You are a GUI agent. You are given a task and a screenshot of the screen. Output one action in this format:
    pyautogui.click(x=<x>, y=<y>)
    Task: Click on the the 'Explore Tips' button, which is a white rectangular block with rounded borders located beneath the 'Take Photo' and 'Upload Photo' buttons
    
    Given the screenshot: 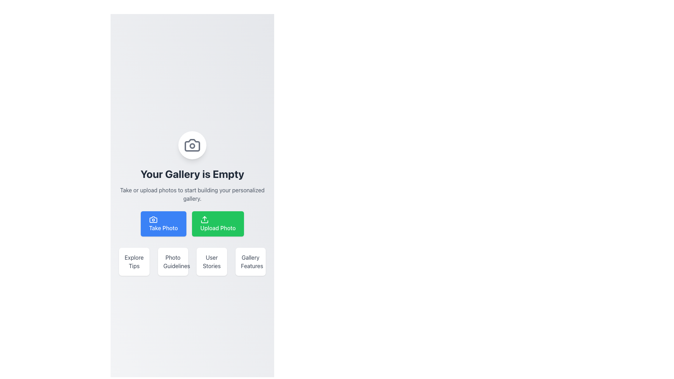 What is the action you would take?
    pyautogui.click(x=134, y=261)
    